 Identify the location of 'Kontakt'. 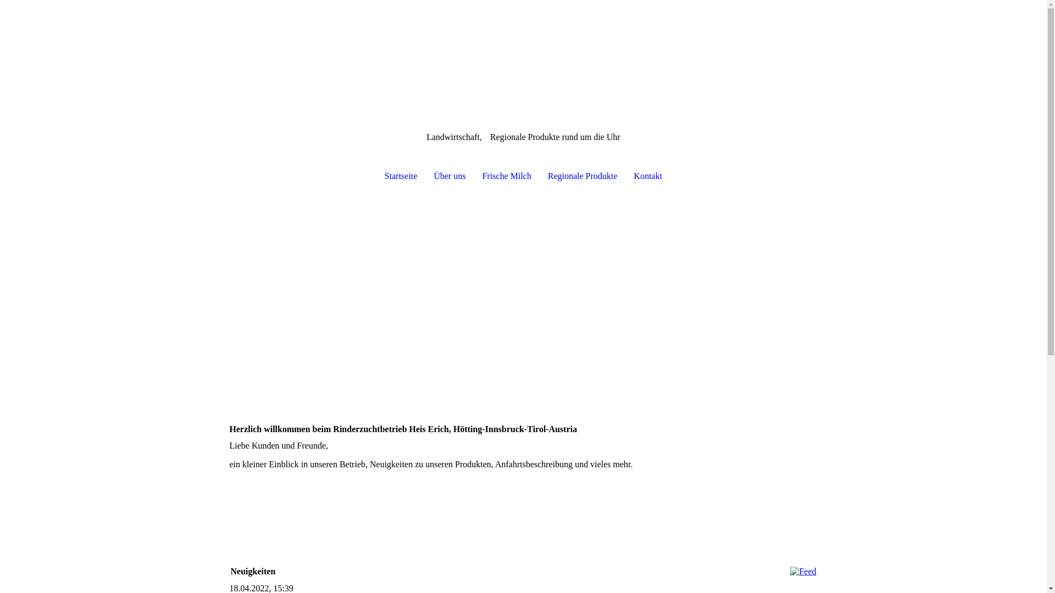
(625, 175).